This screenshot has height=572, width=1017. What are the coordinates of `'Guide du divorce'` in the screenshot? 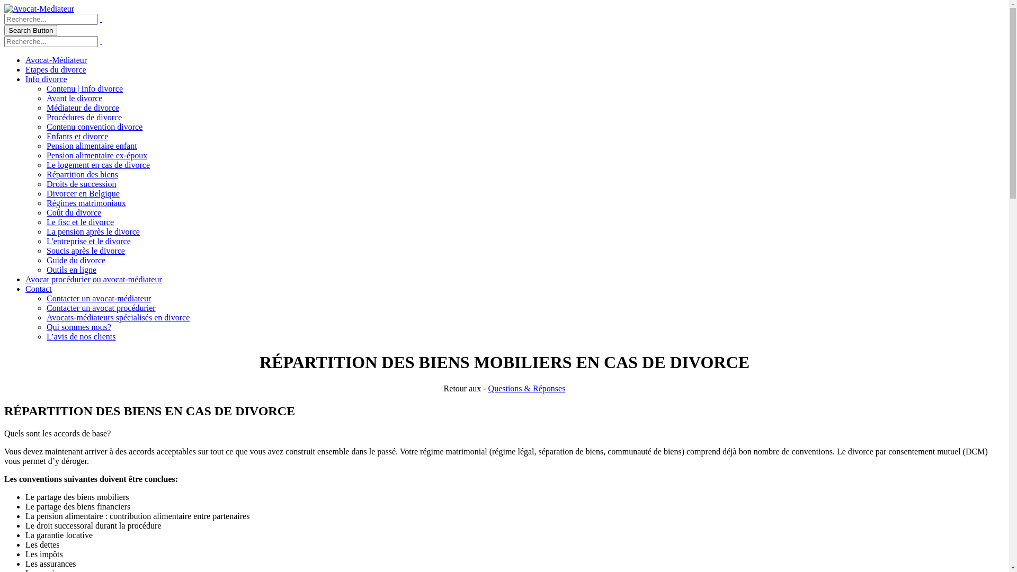 It's located at (75, 260).